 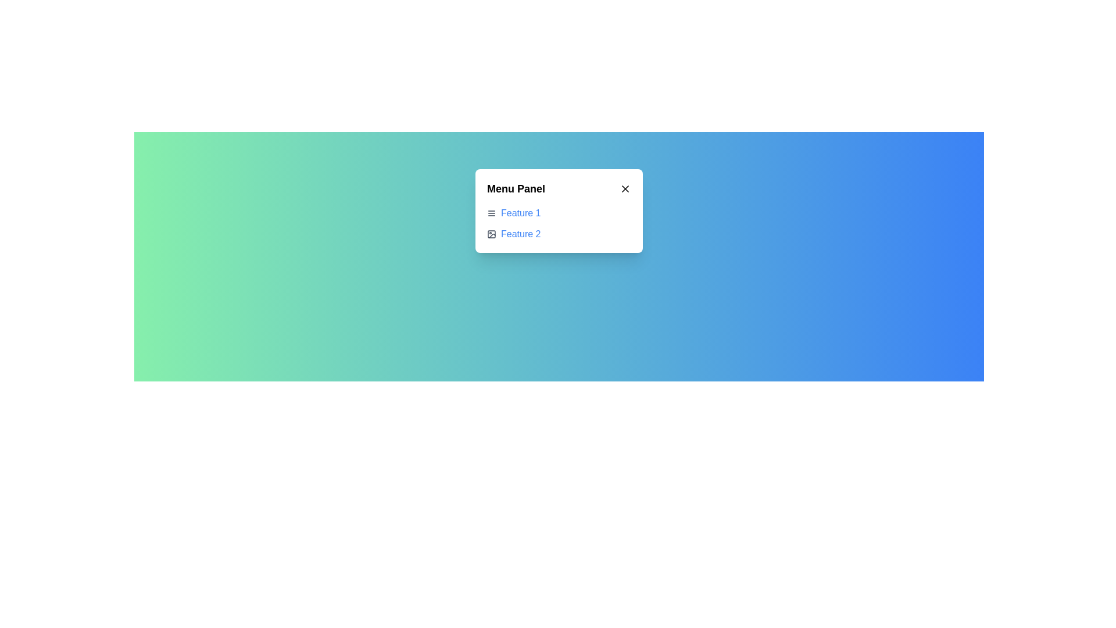 What do you see at coordinates (491, 234) in the screenshot?
I see `the icon representing 'Feature 2' to interact with it` at bounding box center [491, 234].